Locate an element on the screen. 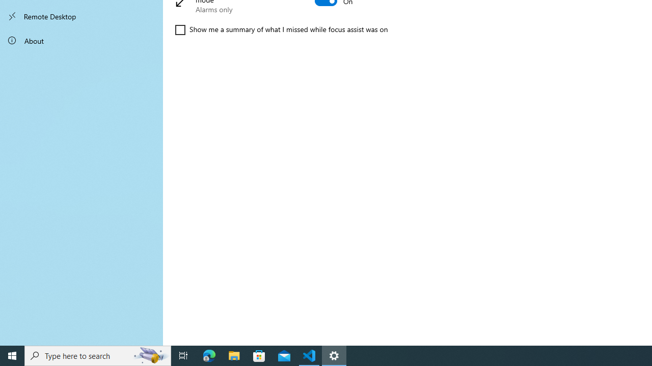 Image resolution: width=652 pixels, height=366 pixels. 'Settings - 1 running window' is located at coordinates (334, 355).